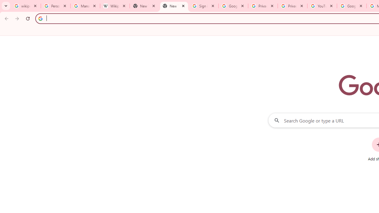 The height and width of the screenshot is (213, 379). Describe the element at coordinates (56, 6) in the screenshot. I see `'Personalization & Google Search results - Google Search Help'` at that location.